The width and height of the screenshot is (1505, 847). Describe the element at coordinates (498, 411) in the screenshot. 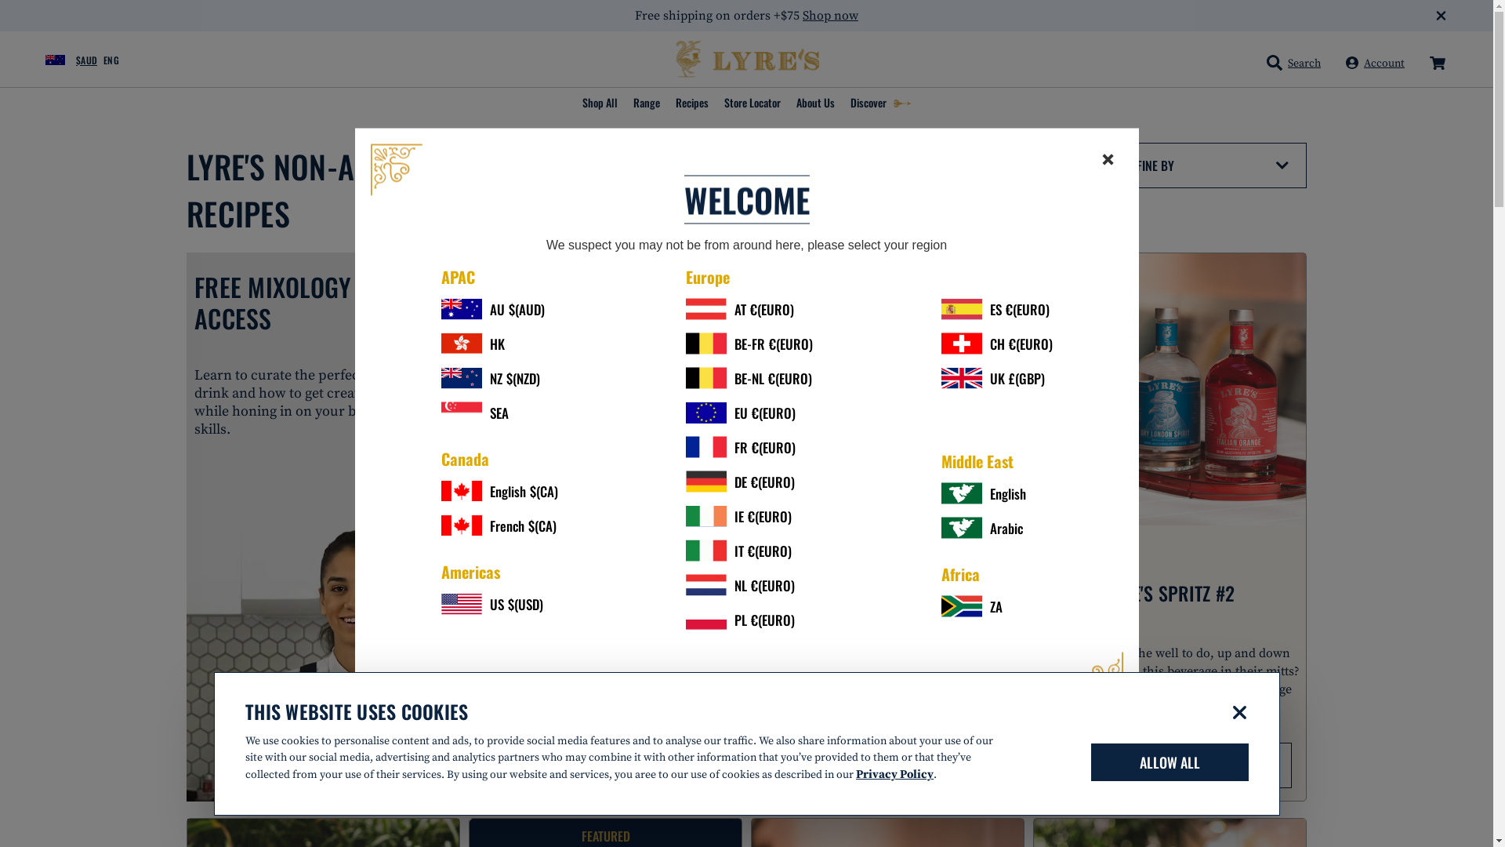

I see `'SEA'` at that location.